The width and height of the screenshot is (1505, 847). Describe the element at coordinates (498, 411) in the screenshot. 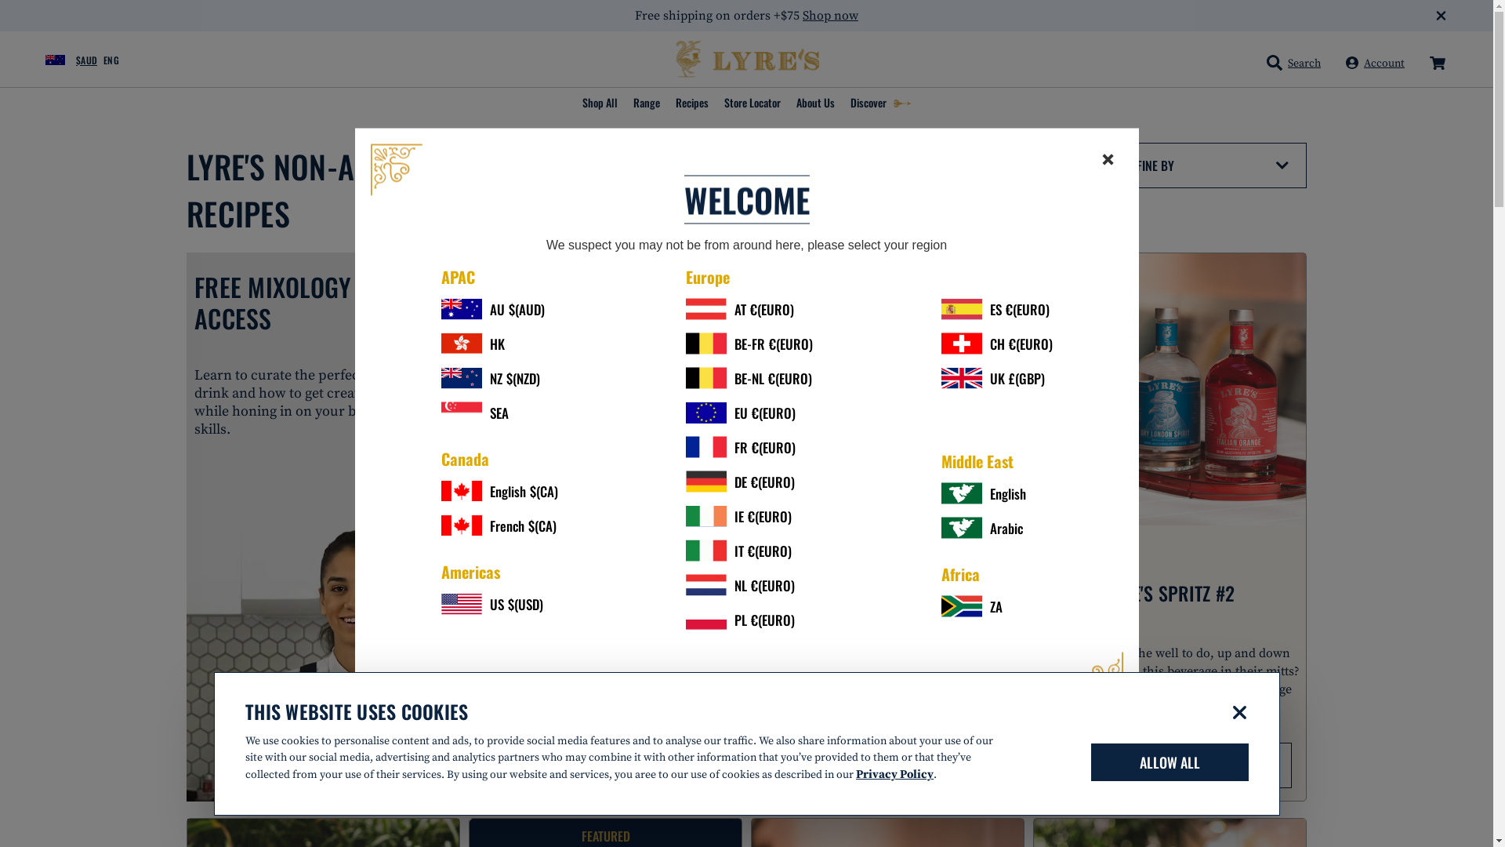

I see `'SEA'` at that location.